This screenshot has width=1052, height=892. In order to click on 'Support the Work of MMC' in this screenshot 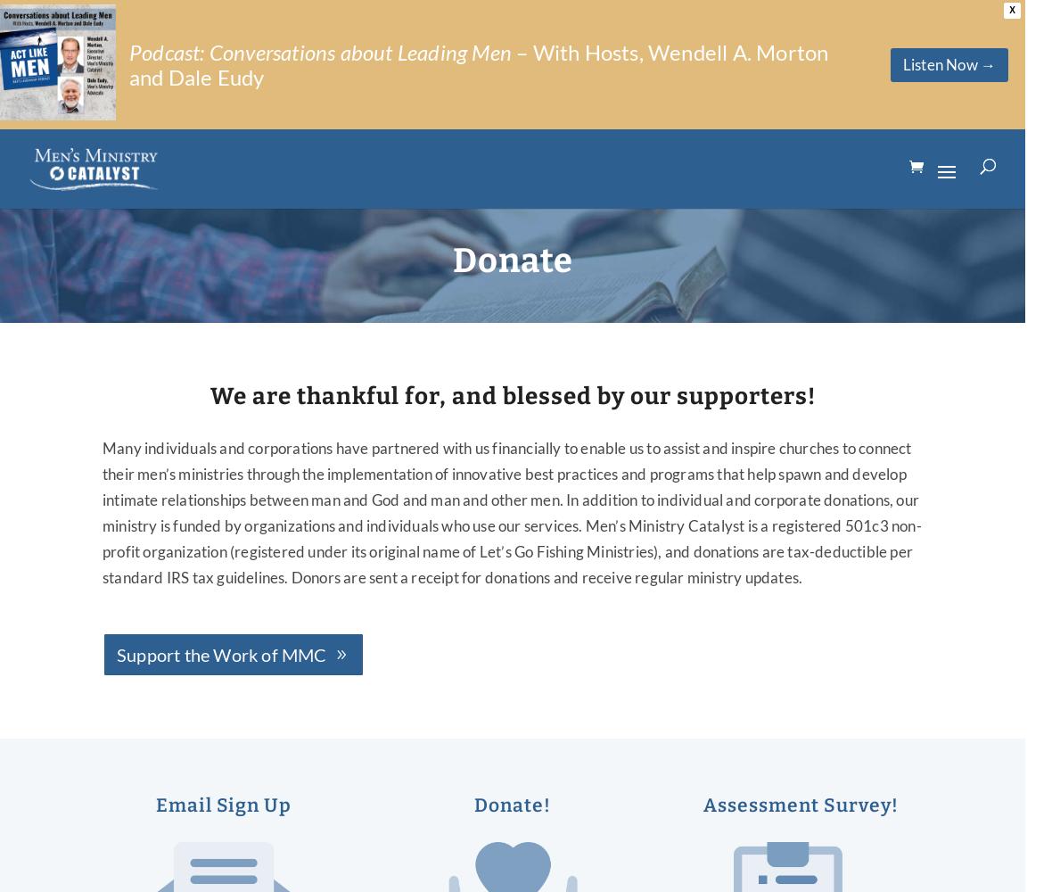, I will do `click(221, 653)`.